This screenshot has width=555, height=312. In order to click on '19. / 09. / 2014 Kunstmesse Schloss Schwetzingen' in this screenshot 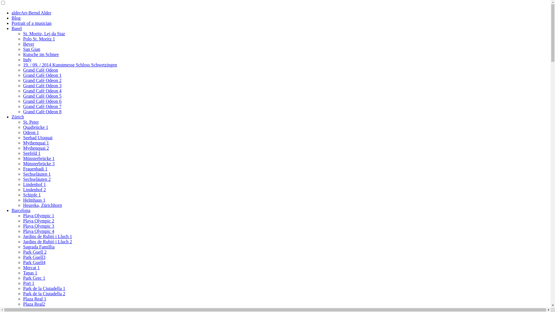, I will do `click(70, 65)`.